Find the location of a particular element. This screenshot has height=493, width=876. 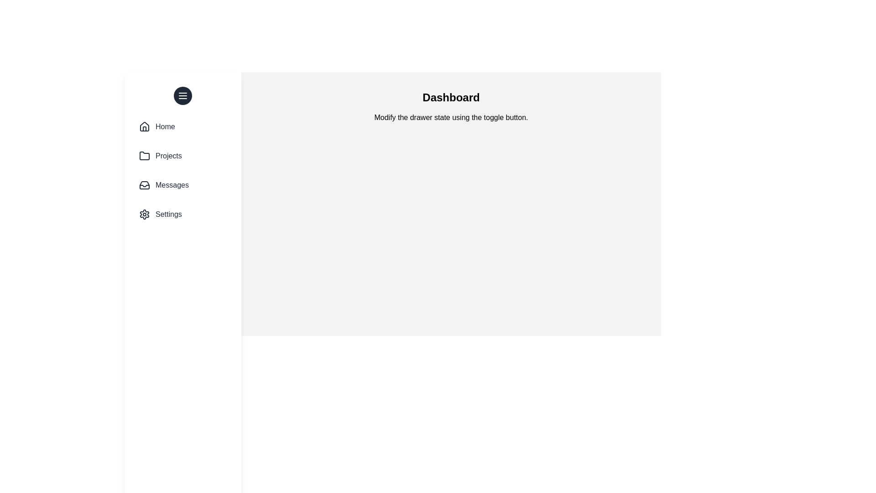

the text 'Home' in the drawer is located at coordinates (165, 126).